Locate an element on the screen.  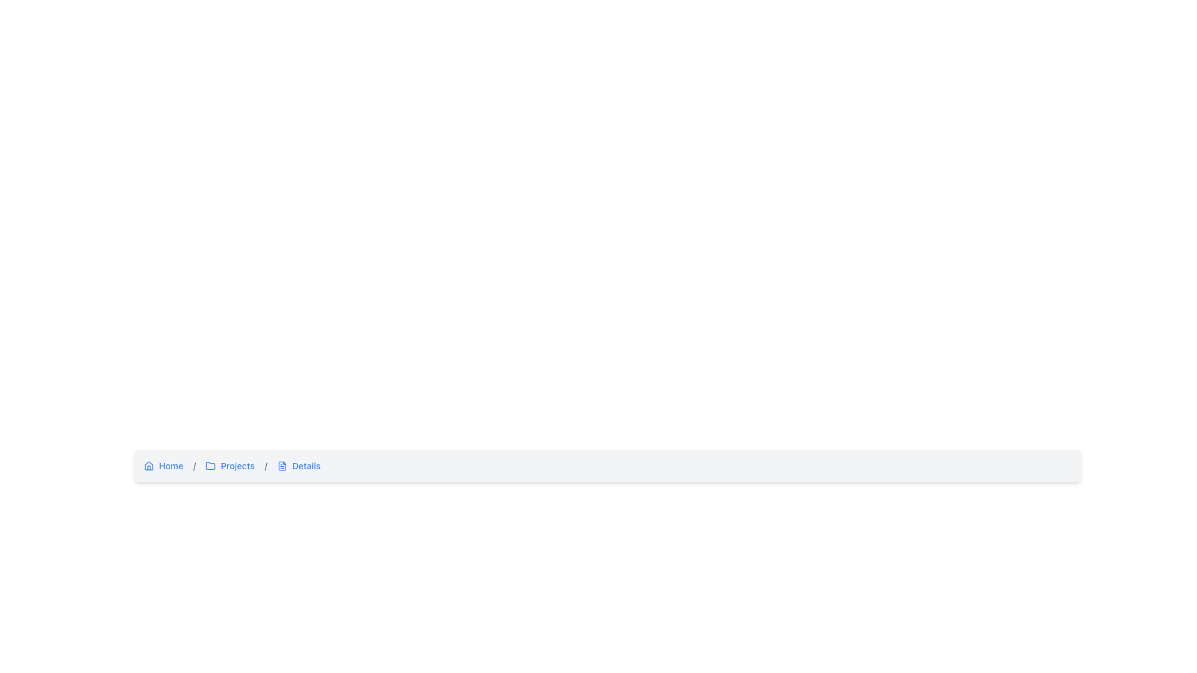
the 'Details' text label styled in blue, located at the rightmost position in the breadcrumb navigation bar, indicating its interactivity is located at coordinates (306, 466).